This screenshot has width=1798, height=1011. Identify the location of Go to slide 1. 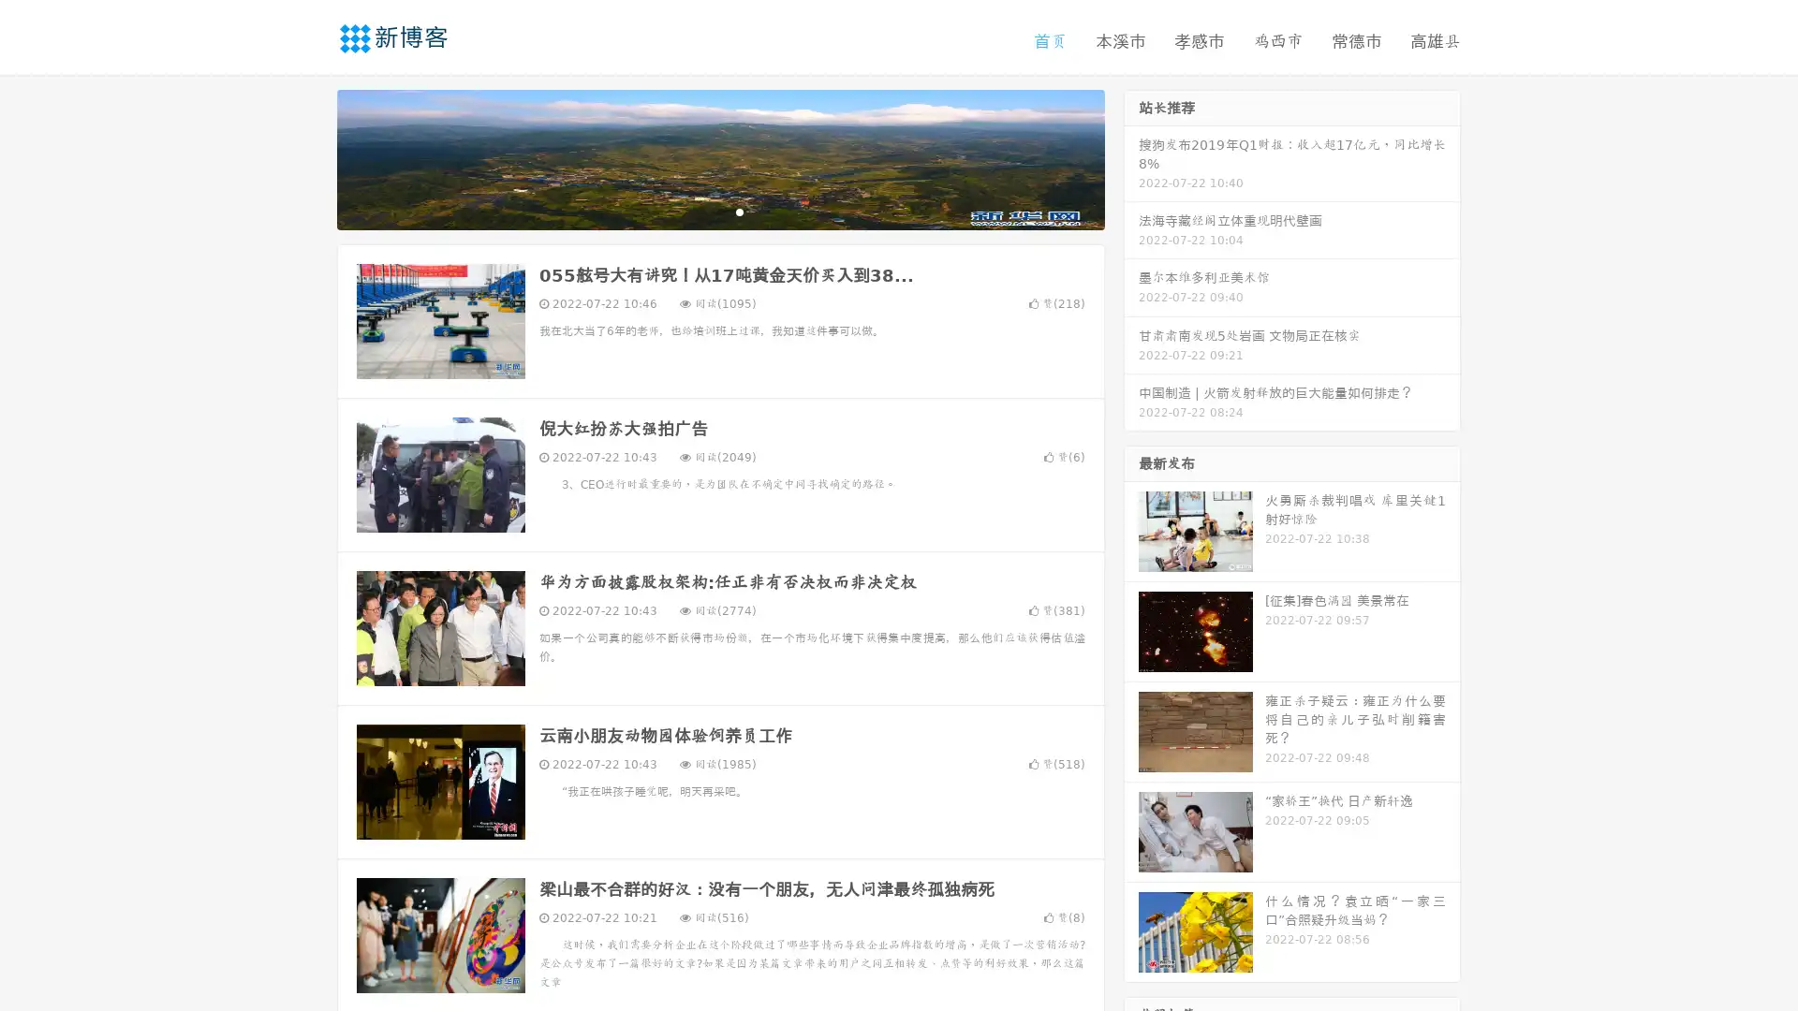
(700, 211).